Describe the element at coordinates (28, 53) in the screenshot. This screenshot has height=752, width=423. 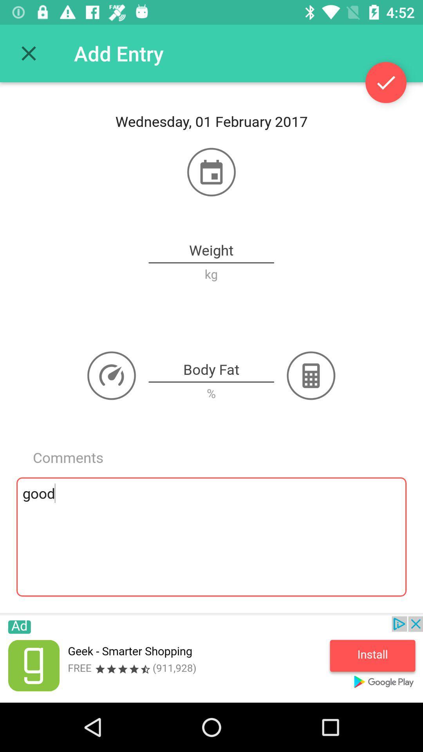
I see `close patturn` at that location.